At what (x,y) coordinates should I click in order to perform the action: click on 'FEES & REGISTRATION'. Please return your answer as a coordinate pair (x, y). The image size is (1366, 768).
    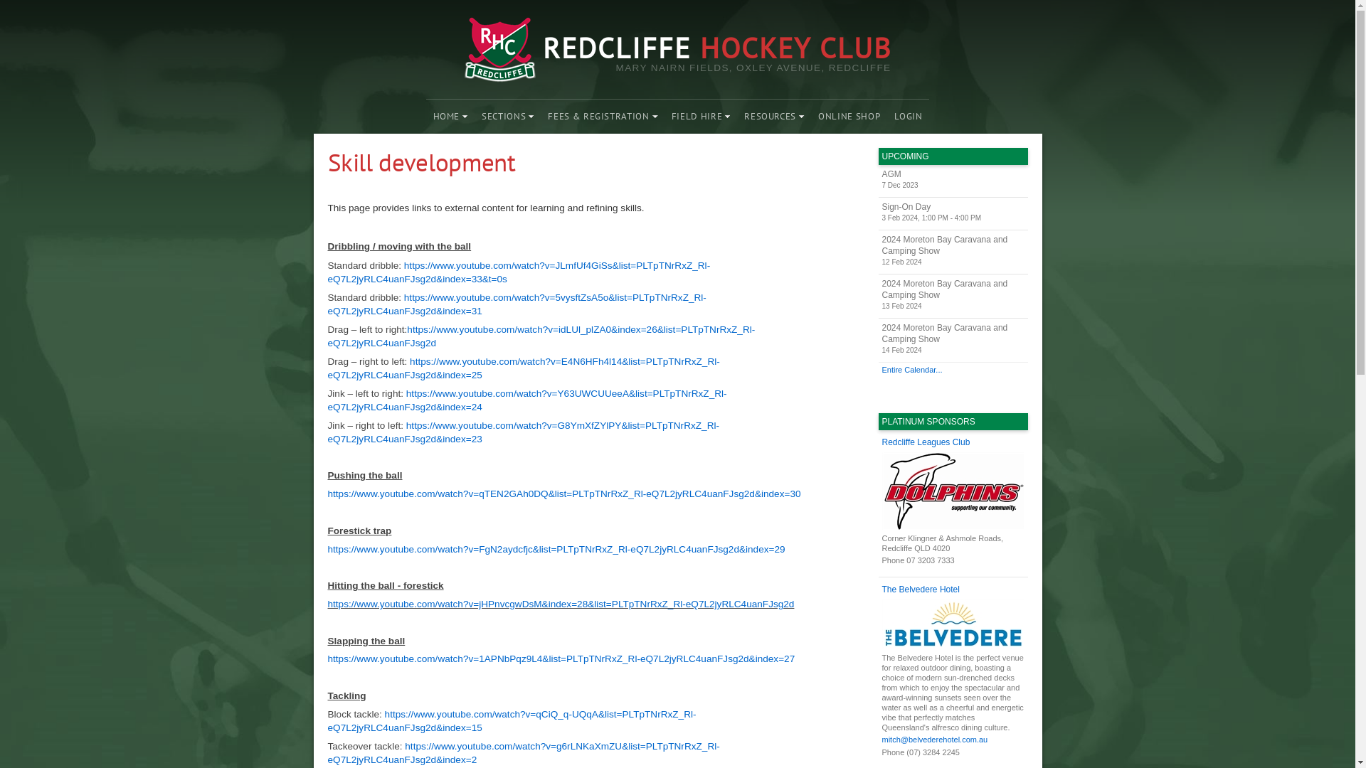
    Looking at the image, I should click on (602, 116).